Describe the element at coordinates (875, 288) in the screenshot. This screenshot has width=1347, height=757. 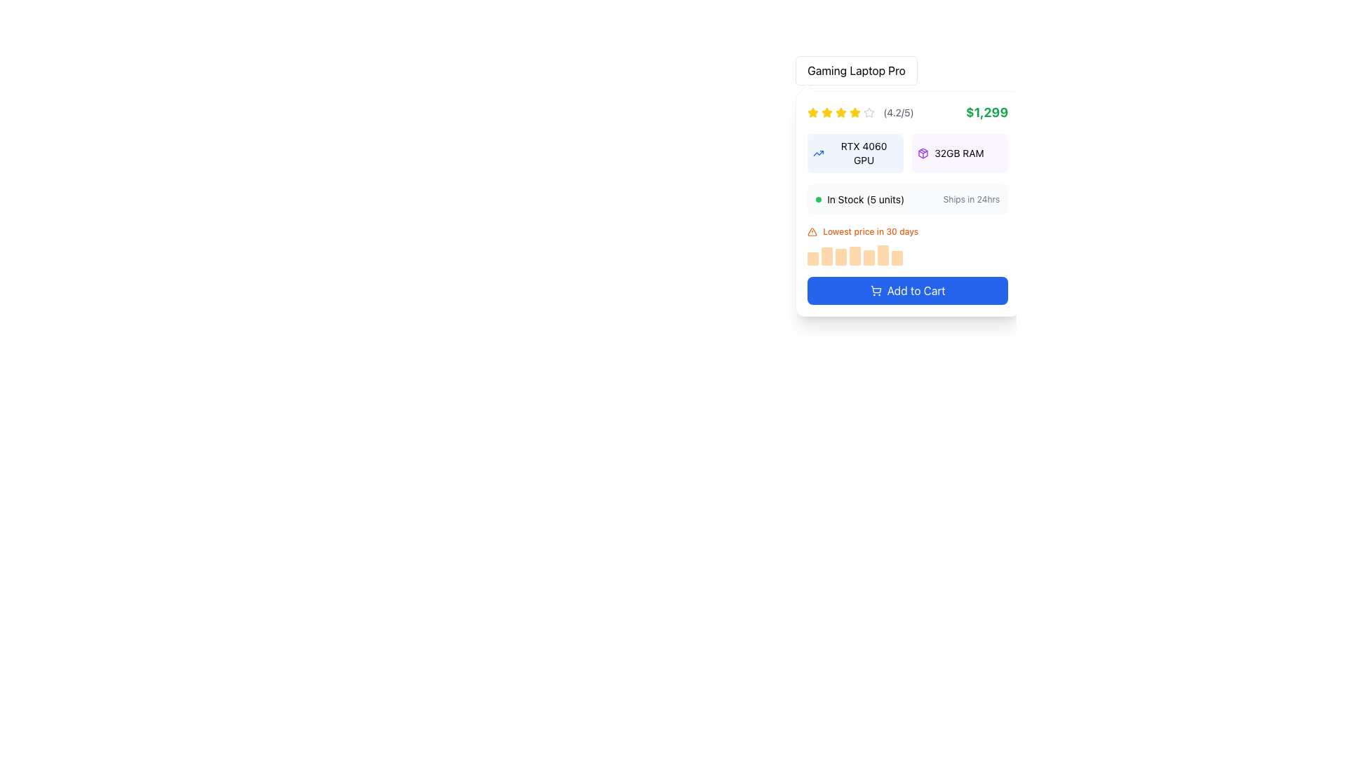
I see `the visual representation of the shopping cart SVG icon located in the bottom-right corner of the interface` at that location.